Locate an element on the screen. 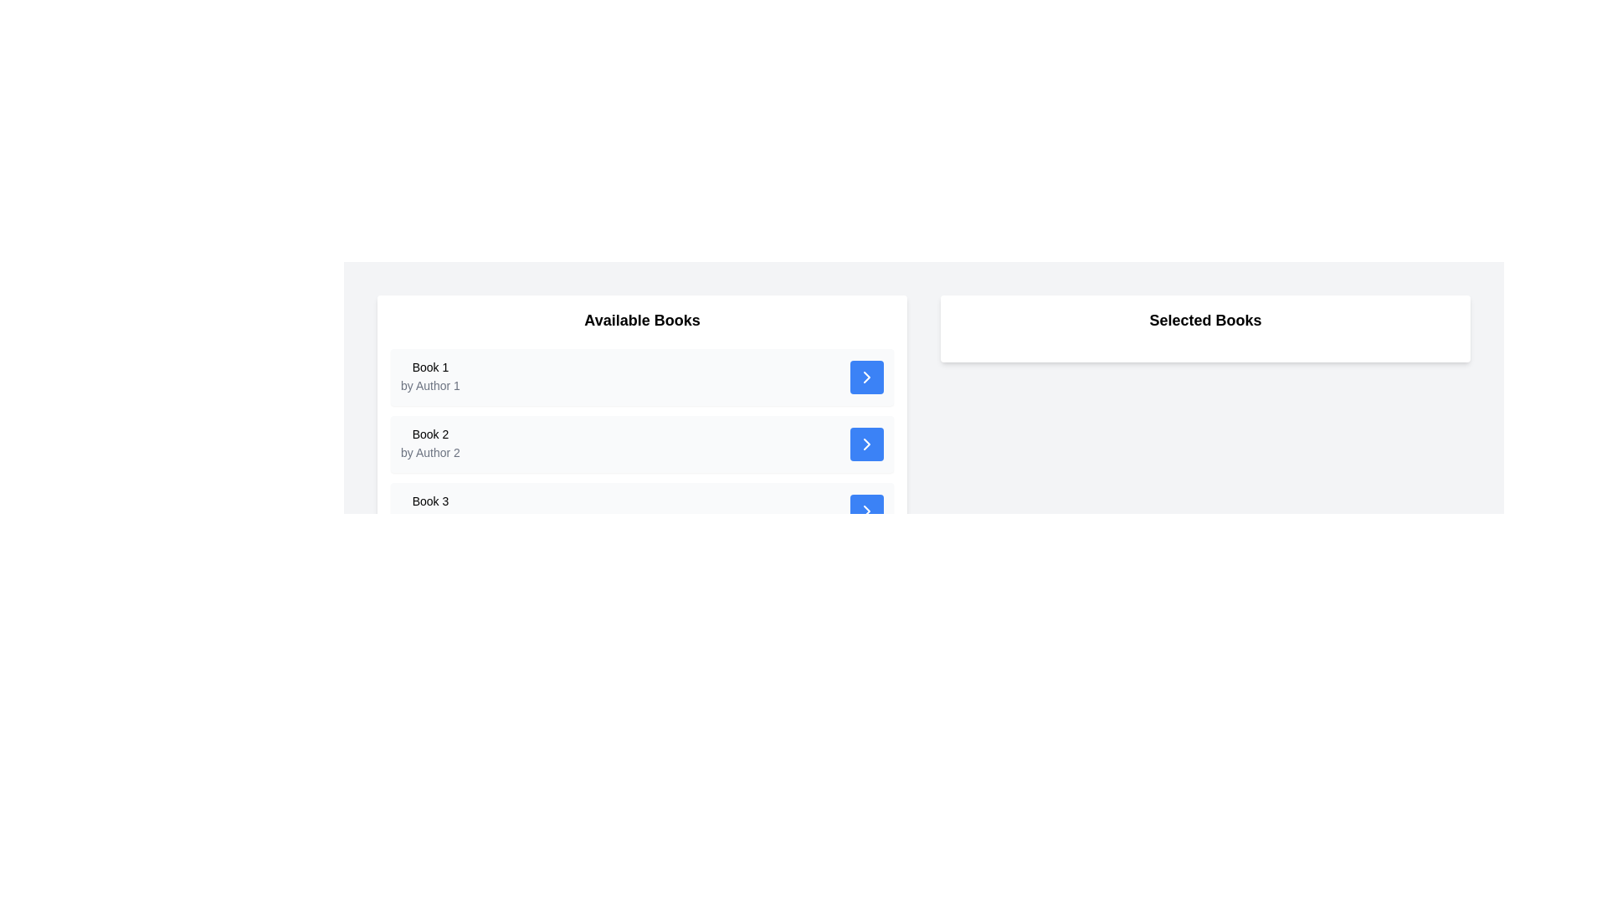 The image size is (1607, 904). the text label representing the title of a book, which is the second item in the 'Available Books' section is located at coordinates (430, 434).